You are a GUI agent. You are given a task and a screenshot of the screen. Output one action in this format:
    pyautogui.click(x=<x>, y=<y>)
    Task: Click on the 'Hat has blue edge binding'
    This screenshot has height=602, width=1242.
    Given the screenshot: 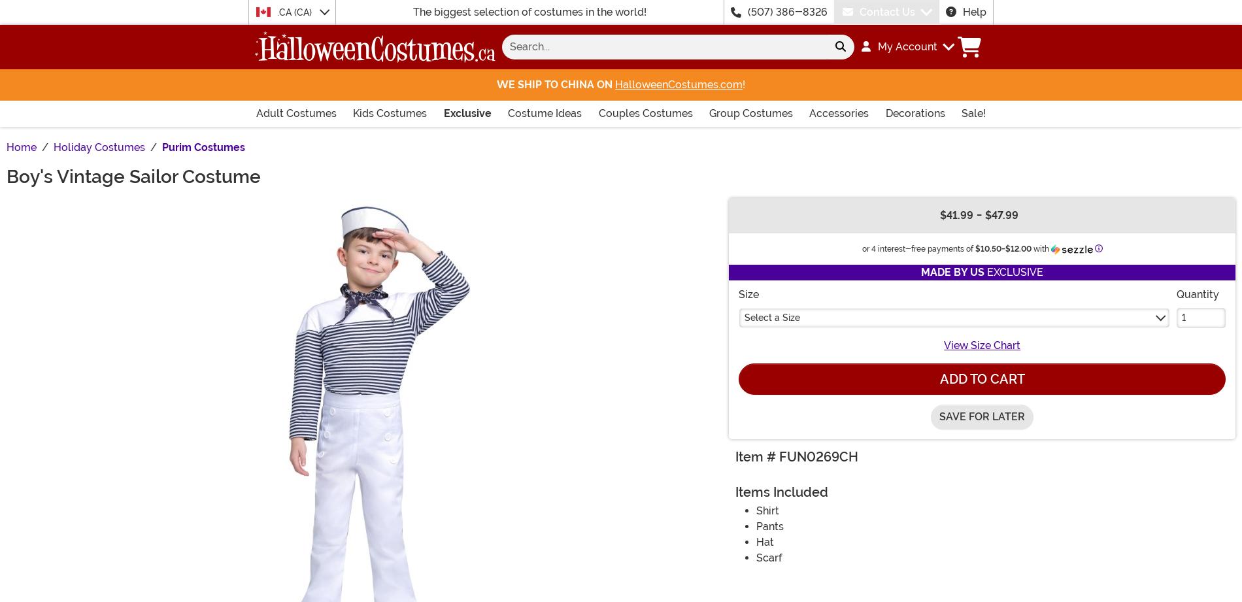 What is the action you would take?
    pyautogui.click(x=859, y=52)
    